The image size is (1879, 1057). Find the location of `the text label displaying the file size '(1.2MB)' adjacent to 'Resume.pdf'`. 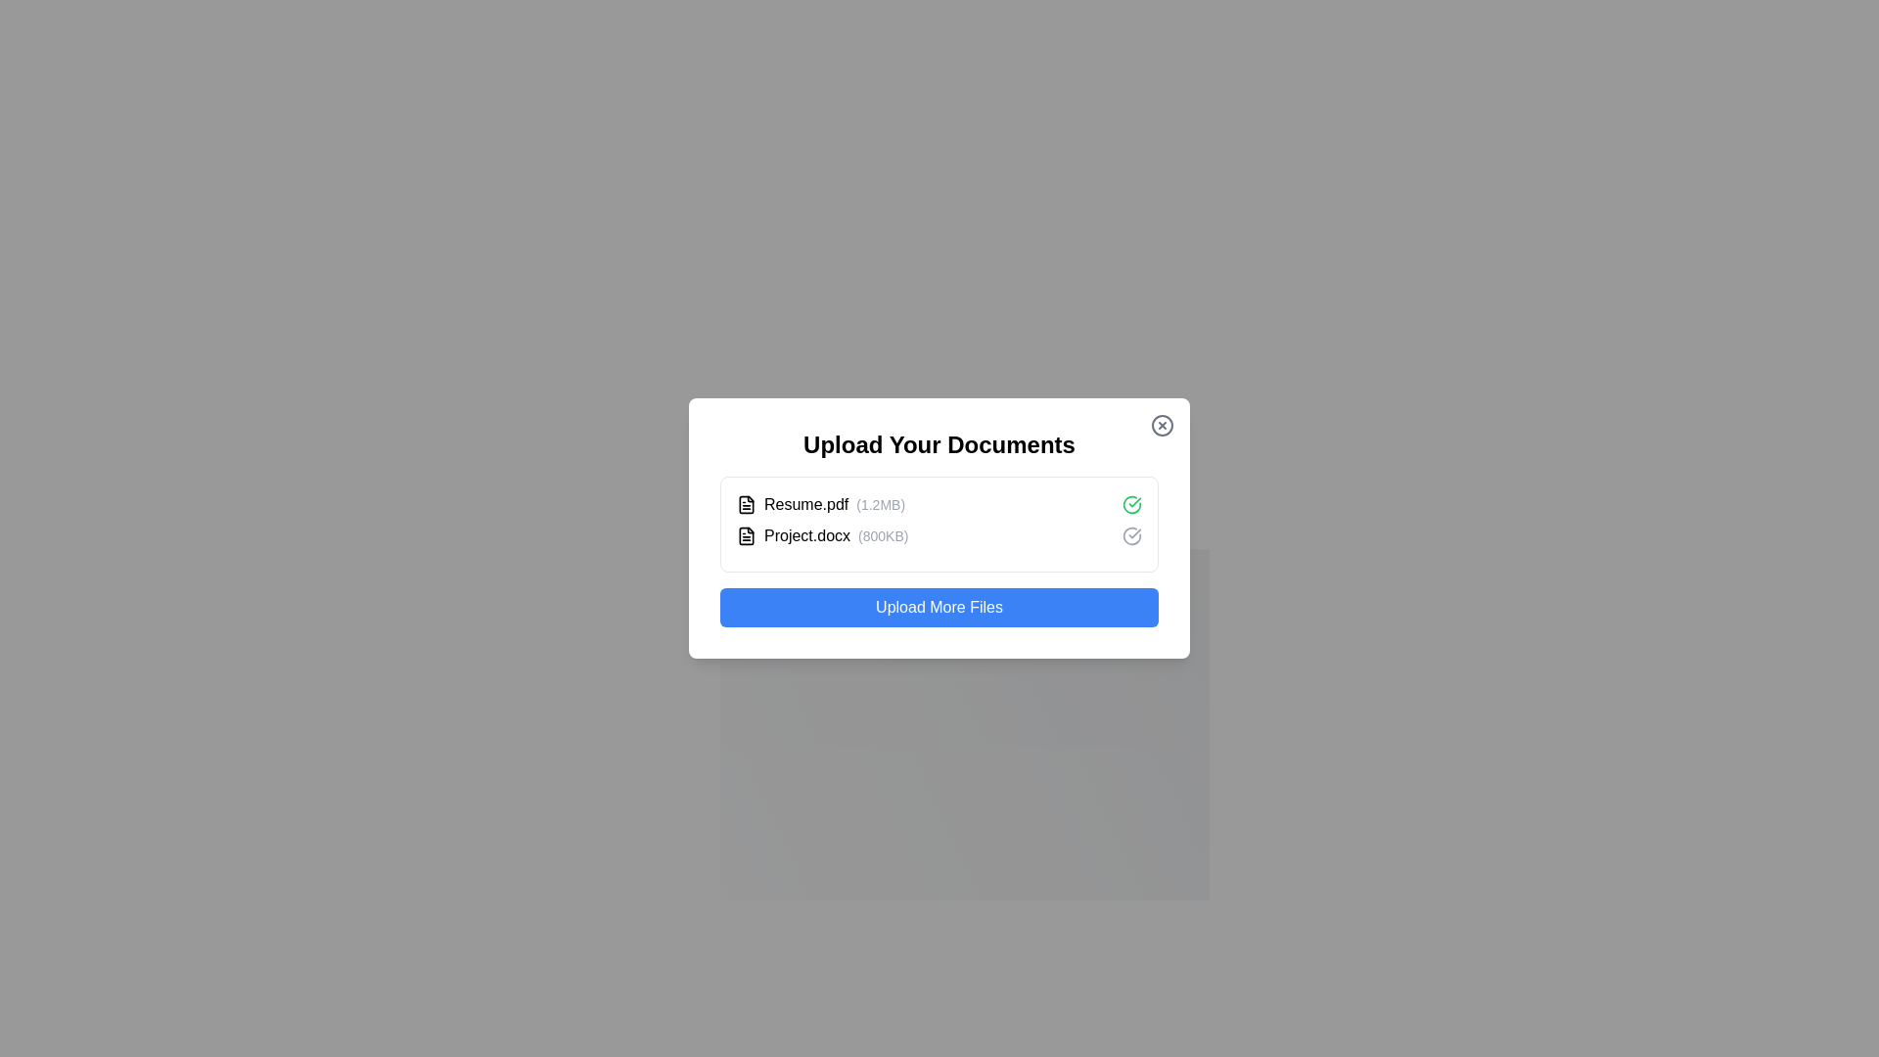

the text label displaying the file size '(1.2MB)' adjacent to 'Resume.pdf' is located at coordinates (880, 504).